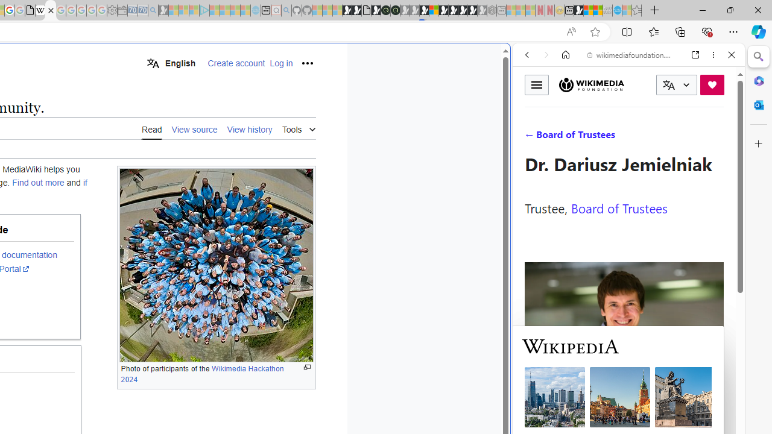  Describe the element at coordinates (285, 10) in the screenshot. I see `'github - Search - Sleeping'` at that location.